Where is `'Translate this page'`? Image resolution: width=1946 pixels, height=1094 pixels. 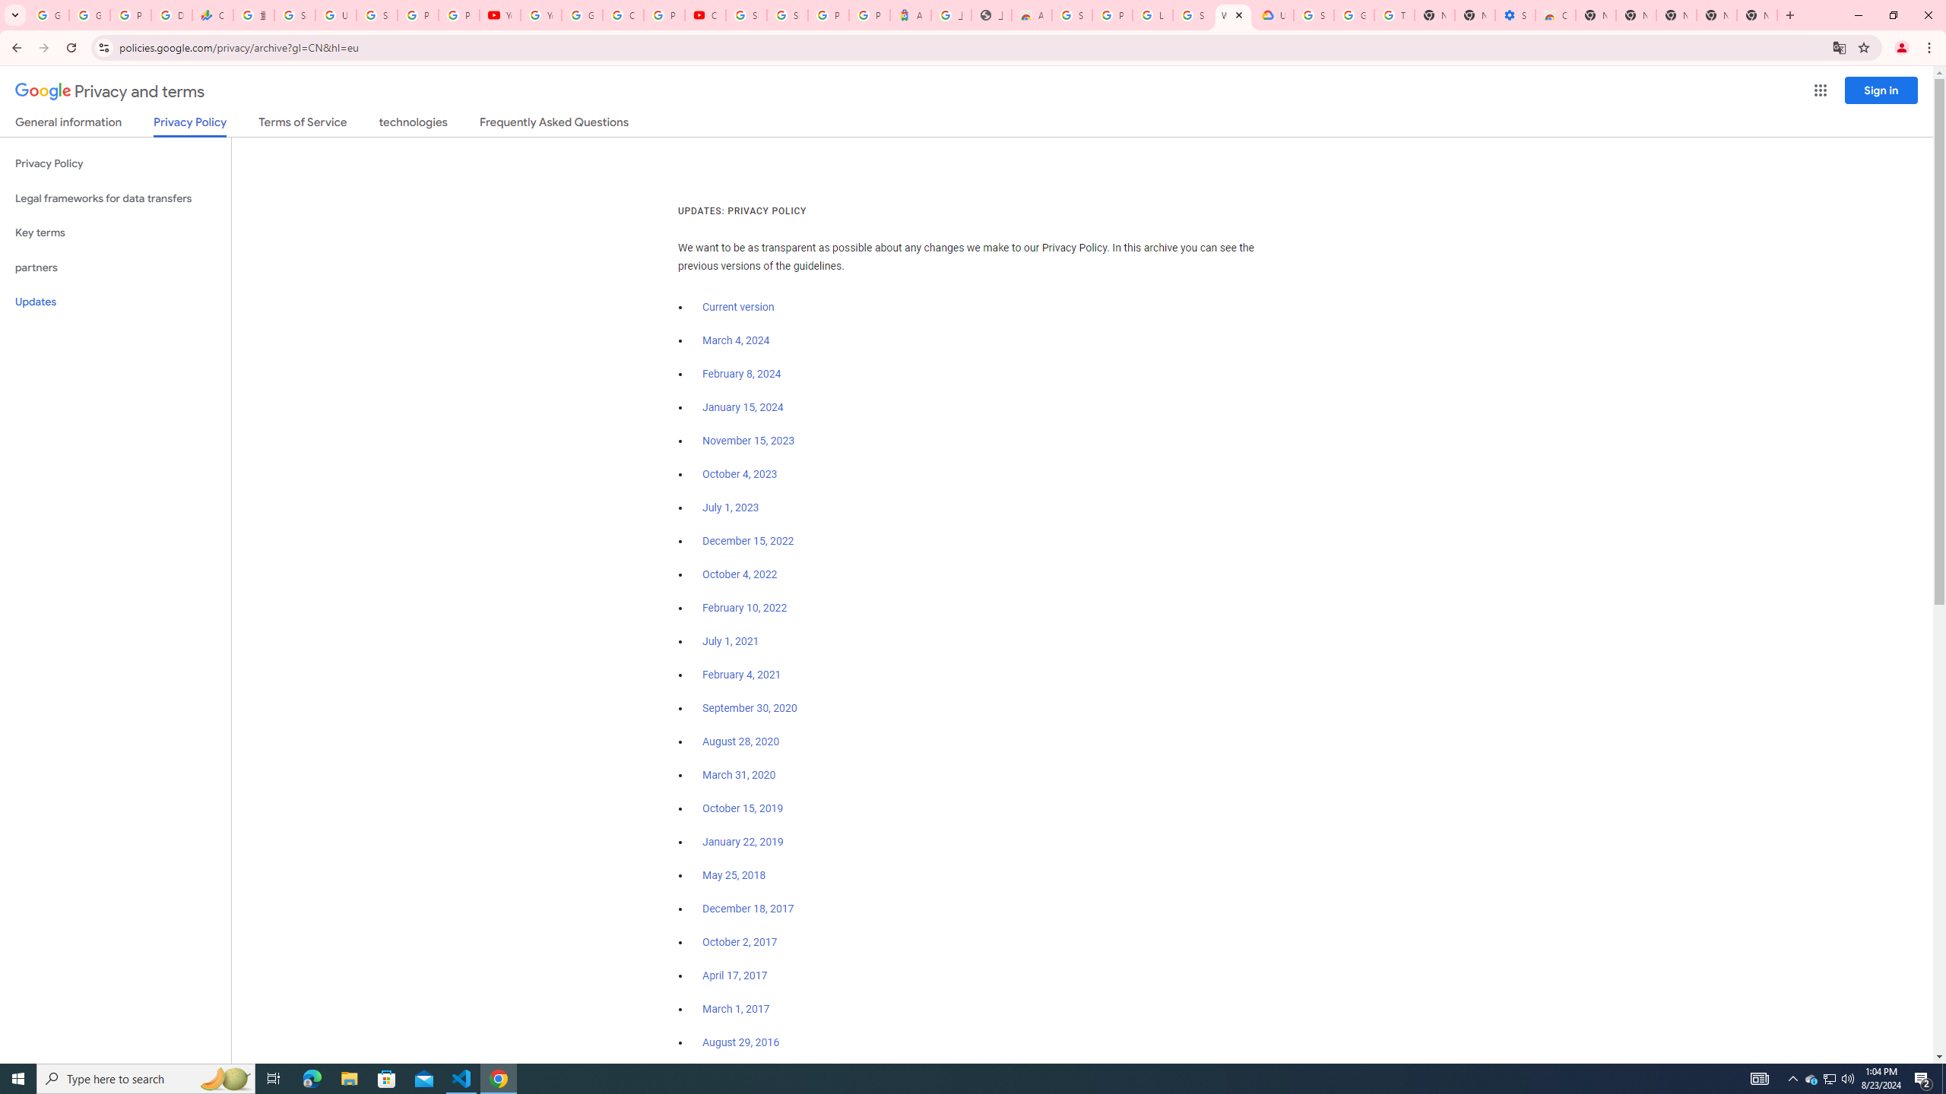
'Translate this page' is located at coordinates (1840, 46).